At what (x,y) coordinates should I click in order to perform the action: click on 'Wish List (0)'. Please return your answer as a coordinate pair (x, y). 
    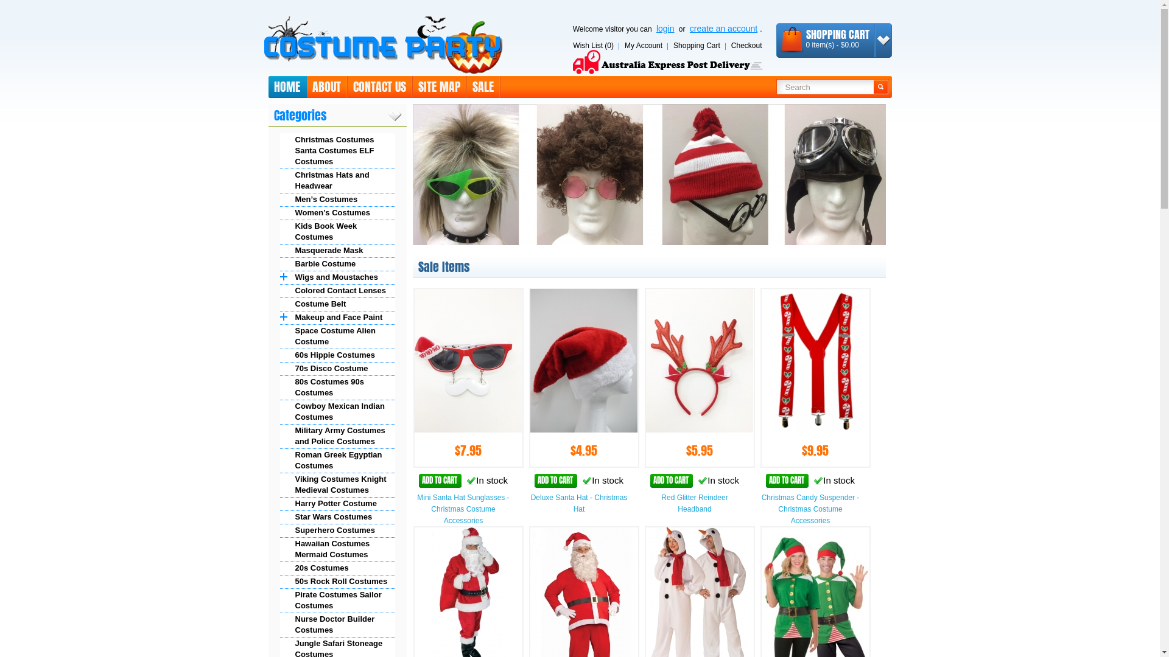
    Looking at the image, I should click on (593, 45).